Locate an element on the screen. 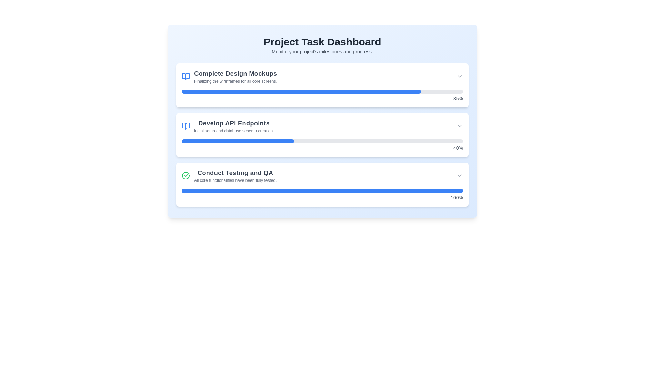  progress is located at coordinates (348, 141).